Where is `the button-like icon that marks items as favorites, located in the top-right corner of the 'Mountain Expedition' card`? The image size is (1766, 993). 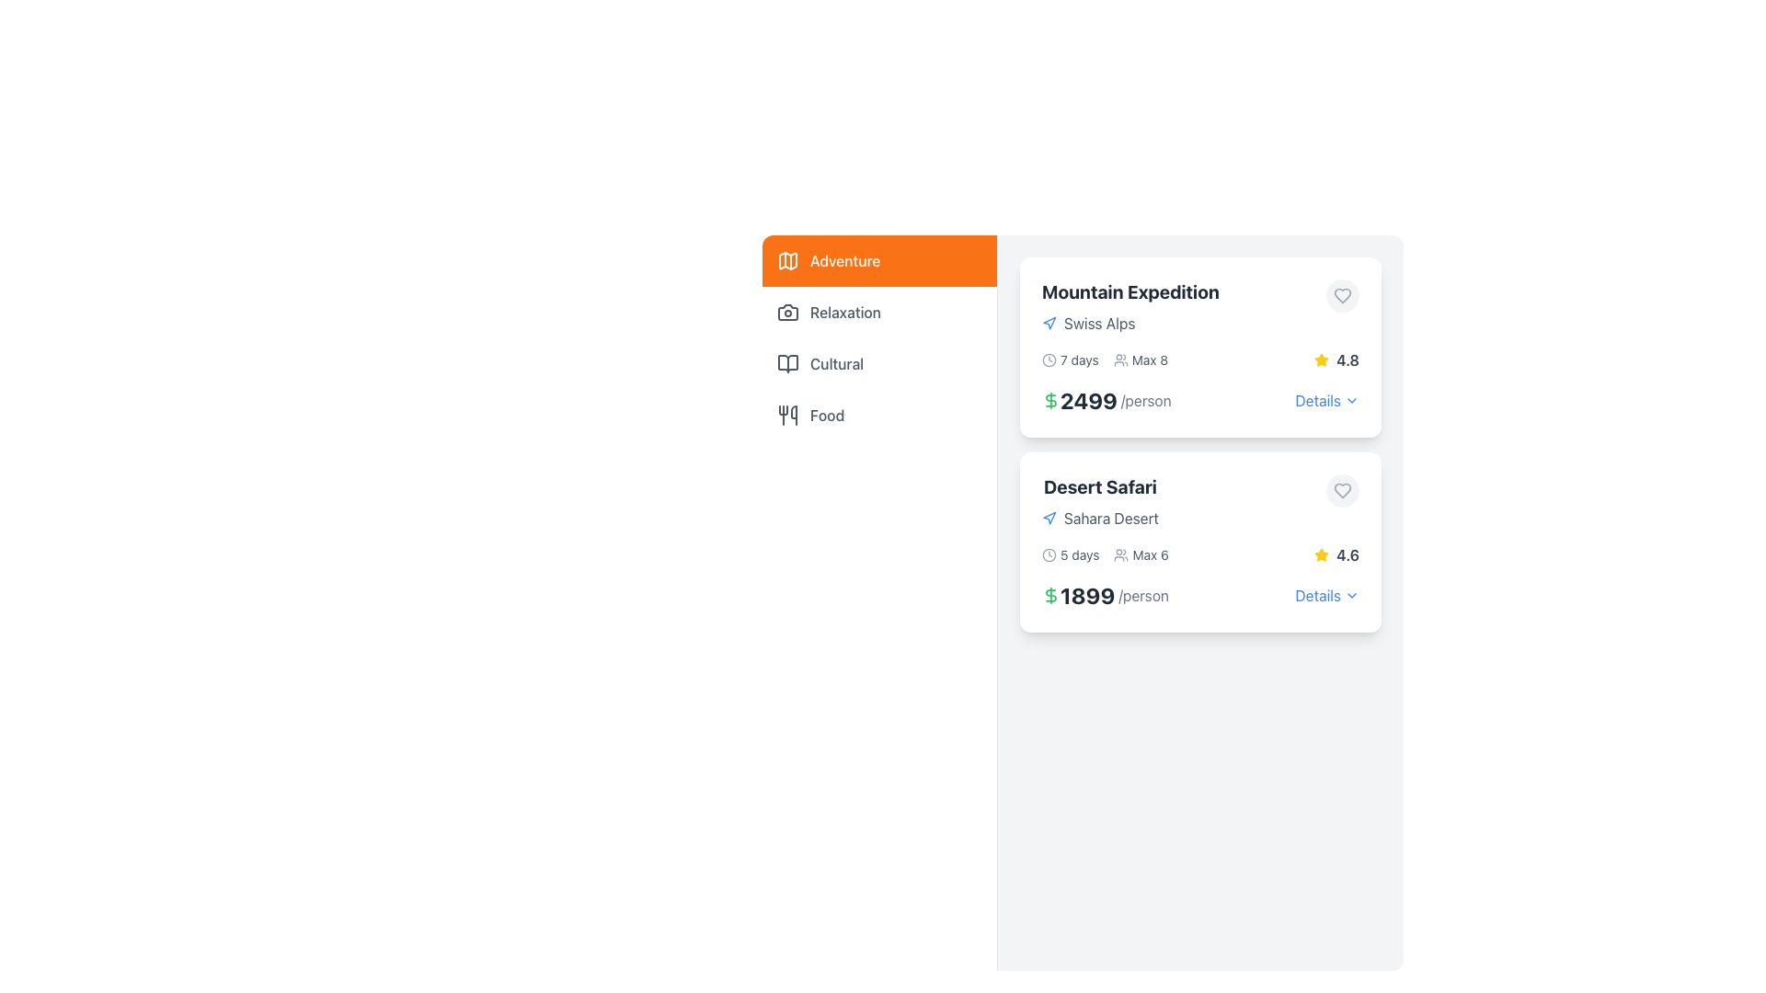
the button-like icon that marks items as favorites, located in the top-right corner of the 'Mountain Expedition' card is located at coordinates (1342, 294).